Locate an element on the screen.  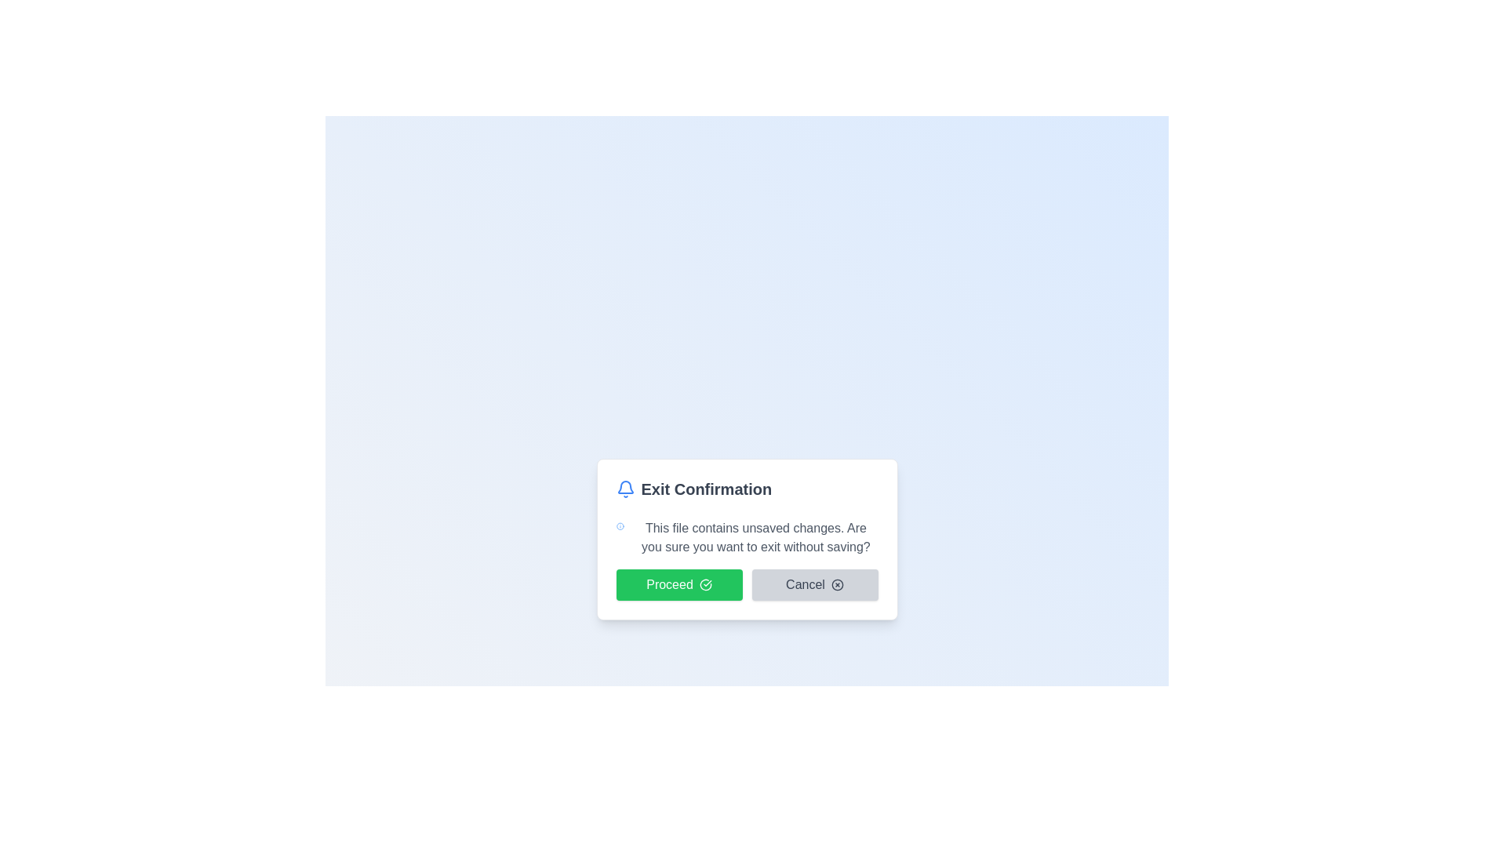
information provided in the 'Exit Confirmation' modal dialog box that states, 'This file contains unsaved changes. Are you sure you want to exit without saving?' is located at coordinates (746, 538).